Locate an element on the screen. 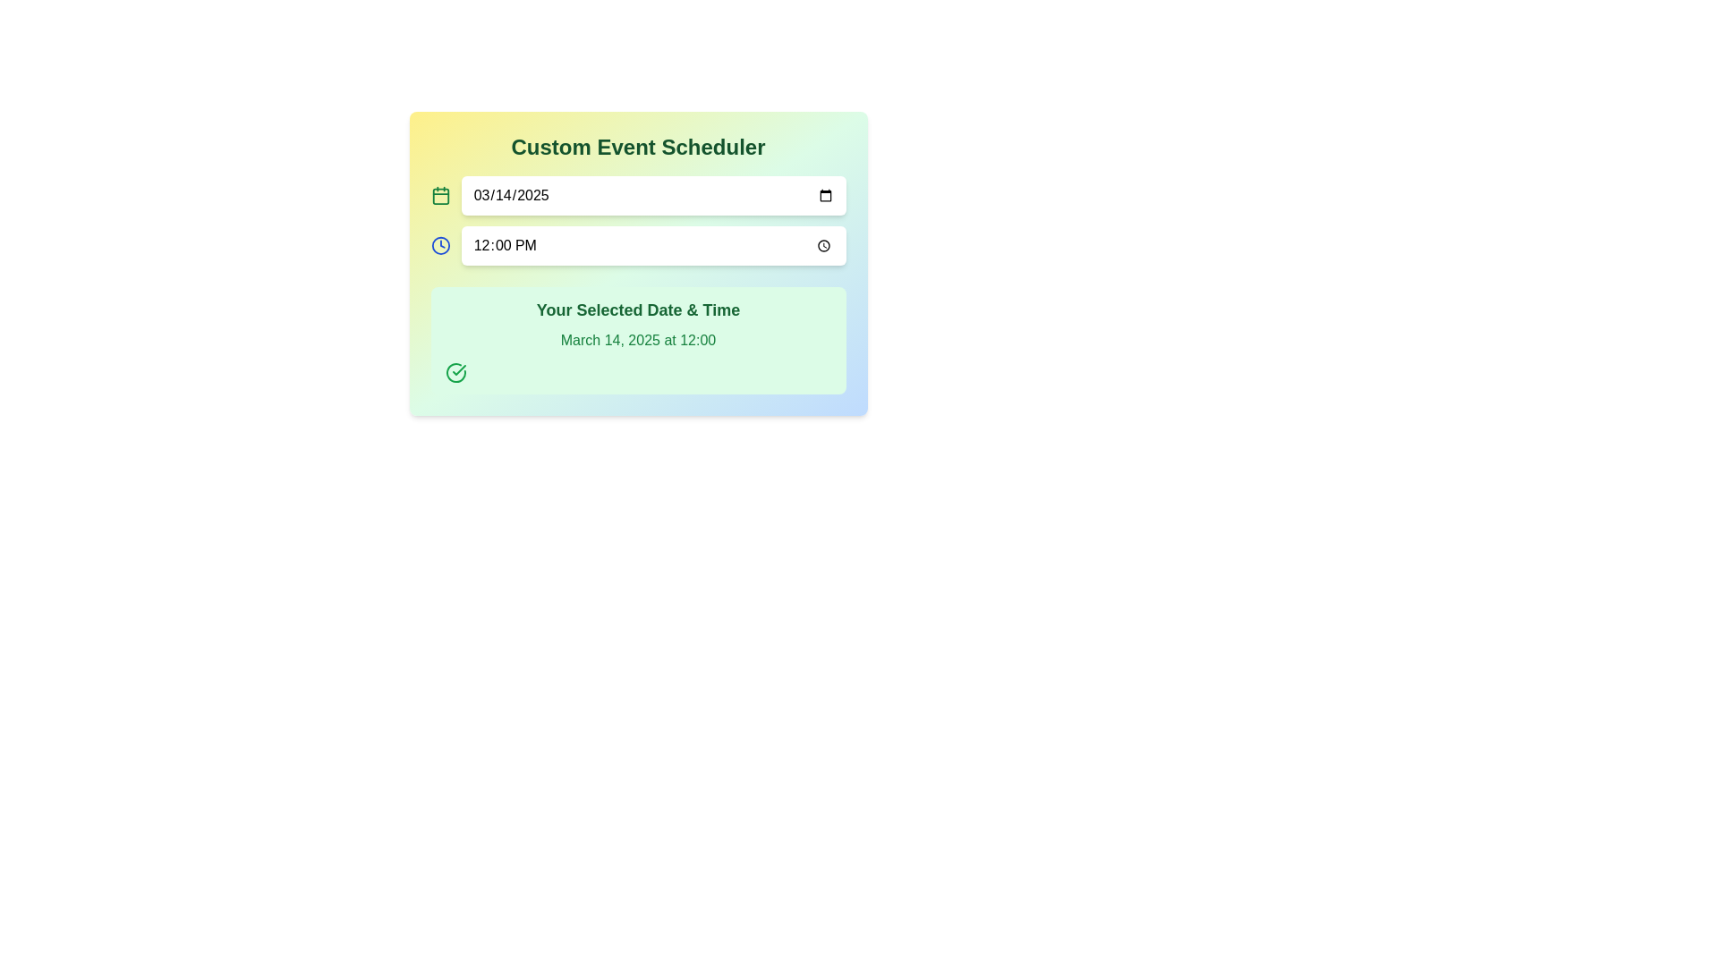 Image resolution: width=1718 pixels, height=966 pixels. the Label displaying 'March 14, 2025 at 12:00' in green font, located within the section titled 'Your Selected Date & Time' is located at coordinates (638, 341).